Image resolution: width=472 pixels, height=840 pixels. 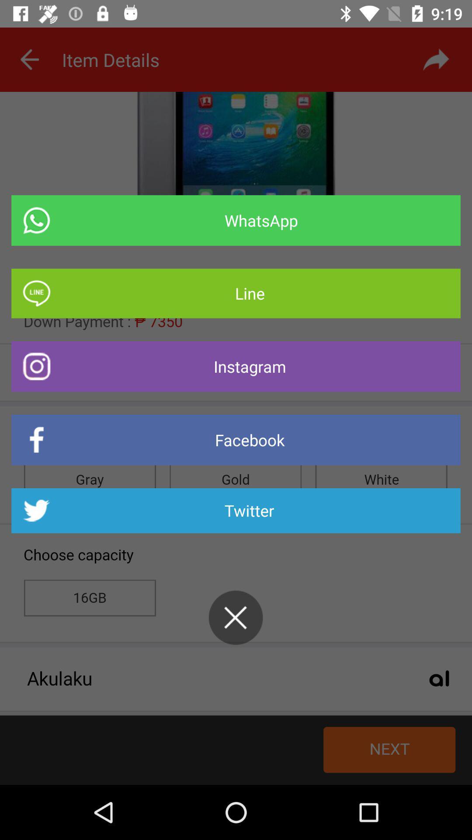 I want to click on facebook icon, so click(x=236, y=440).